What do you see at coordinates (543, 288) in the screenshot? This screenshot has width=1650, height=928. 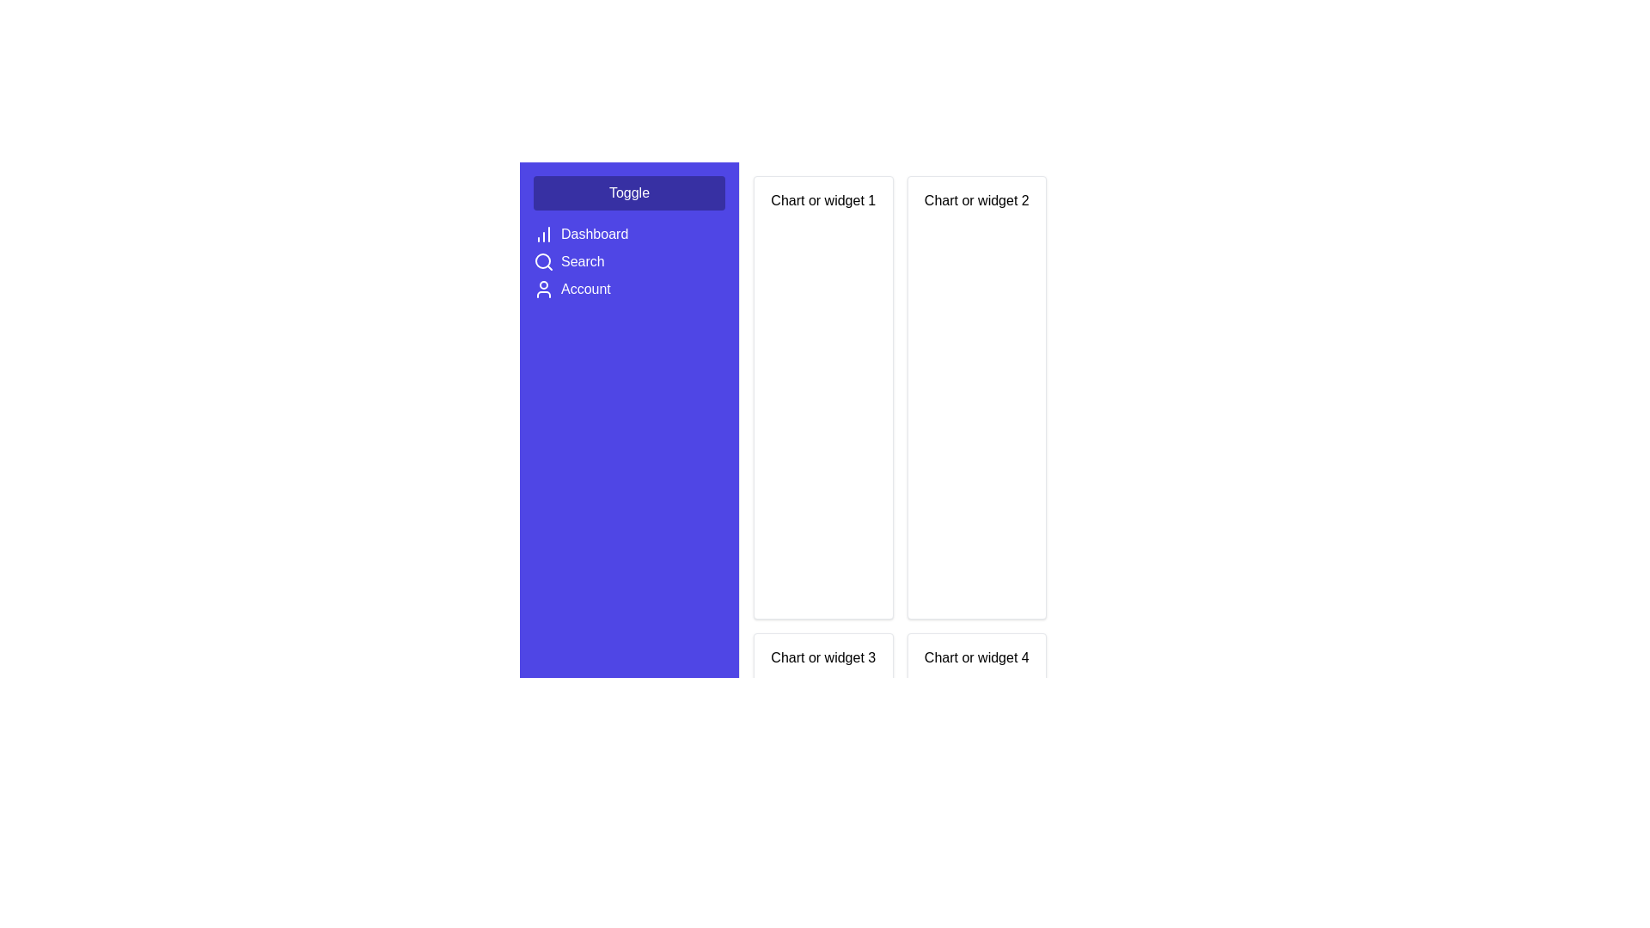 I see `the user account icon located in the left navigation panel, beneath the 'Search' menu item and to the left of the 'Account' label` at bounding box center [543, 288].